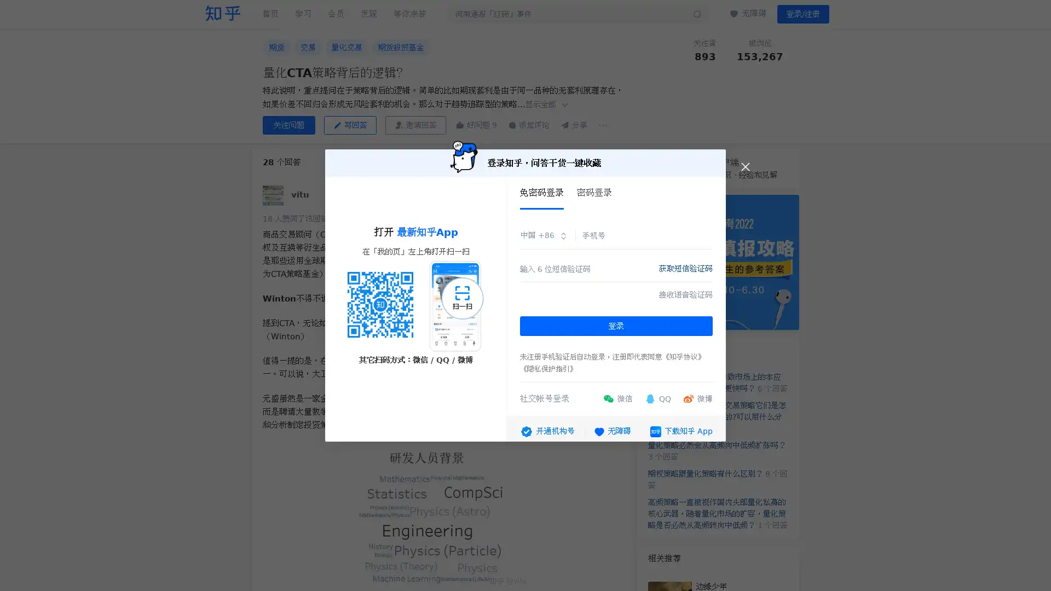  I want to click on App, so click(680, 427).